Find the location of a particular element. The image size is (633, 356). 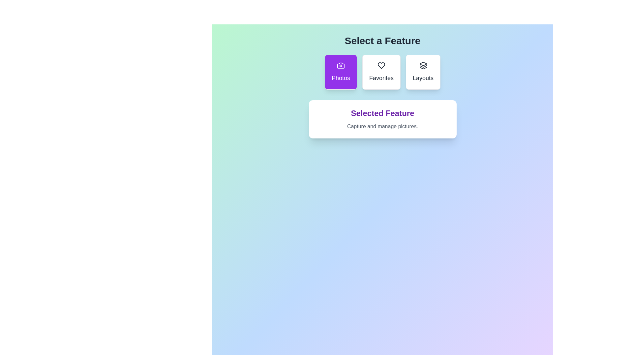

the Photos button to select it is located at coordinates (341, 72).